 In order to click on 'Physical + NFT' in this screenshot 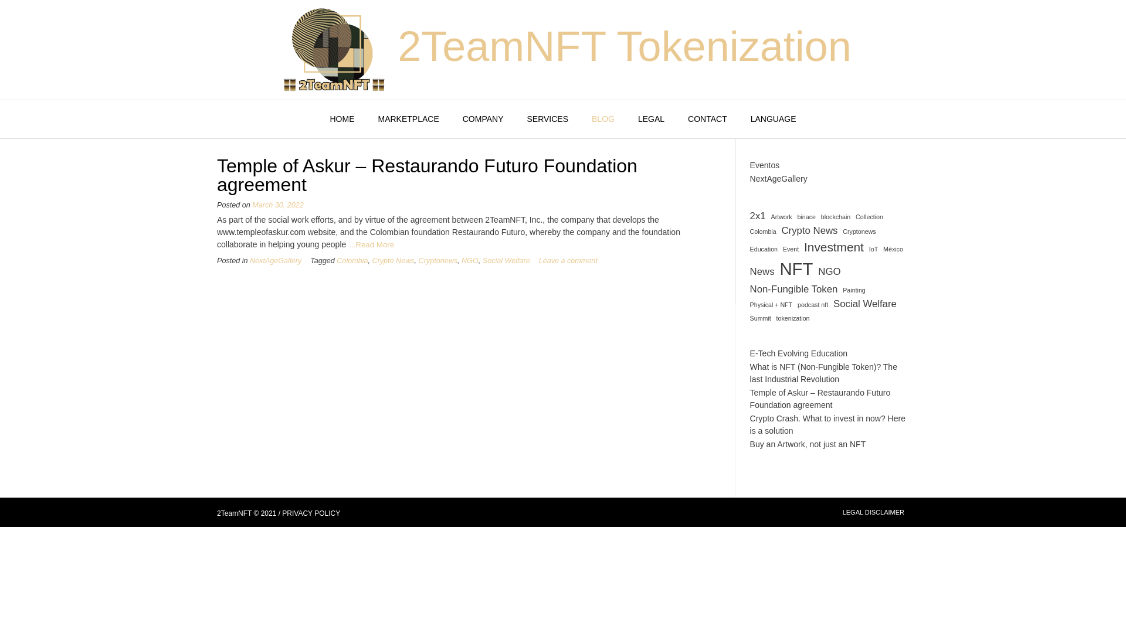, I will do `click(749, 304)`.